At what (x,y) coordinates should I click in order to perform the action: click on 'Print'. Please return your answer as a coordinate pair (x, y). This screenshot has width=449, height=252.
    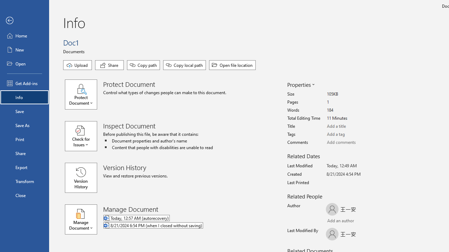
    Looking at the image, I should click on (24, 139).